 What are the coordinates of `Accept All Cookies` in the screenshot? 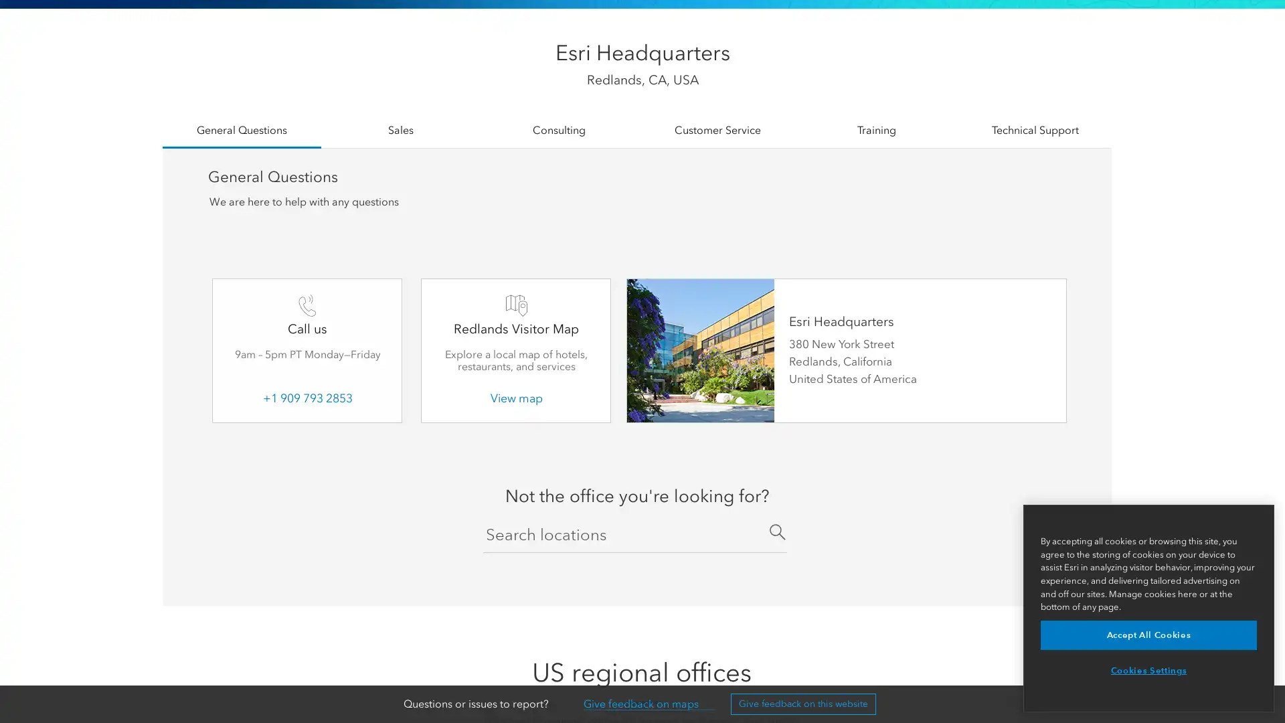 It's located at (1148, 634).